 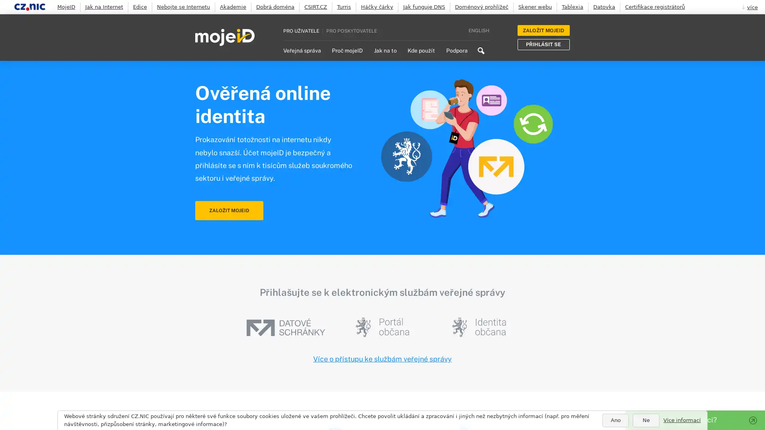 What do you see at coordinates (615, 420) in the screenshot?
I see `Ano` at bounding box center [615, 420].